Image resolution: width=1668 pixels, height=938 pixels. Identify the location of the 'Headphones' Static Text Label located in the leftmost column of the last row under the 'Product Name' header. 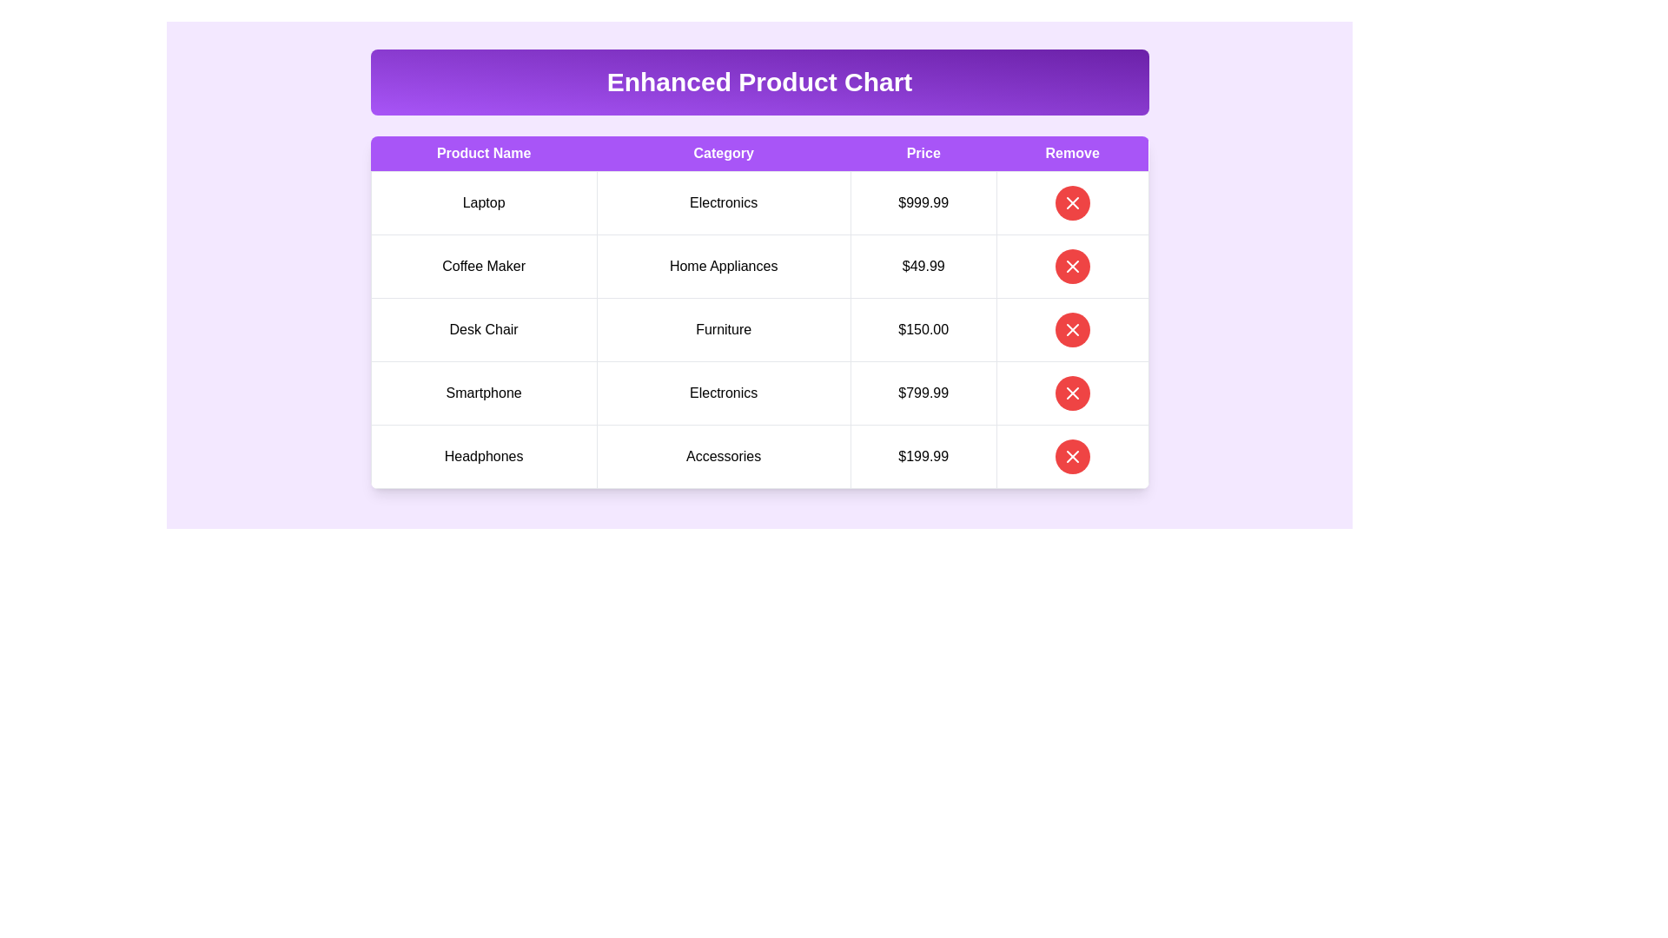
(484, 455).